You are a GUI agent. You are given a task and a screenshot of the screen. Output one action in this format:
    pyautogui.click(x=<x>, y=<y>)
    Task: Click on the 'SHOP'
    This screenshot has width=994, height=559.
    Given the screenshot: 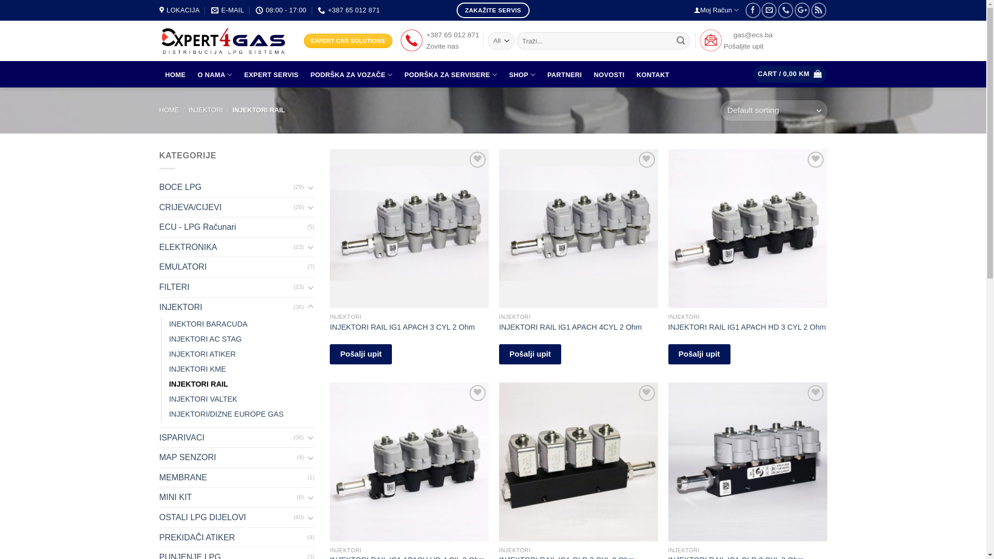 What is the action you would take?
    pyautogui.click(x=522, y=74)
    